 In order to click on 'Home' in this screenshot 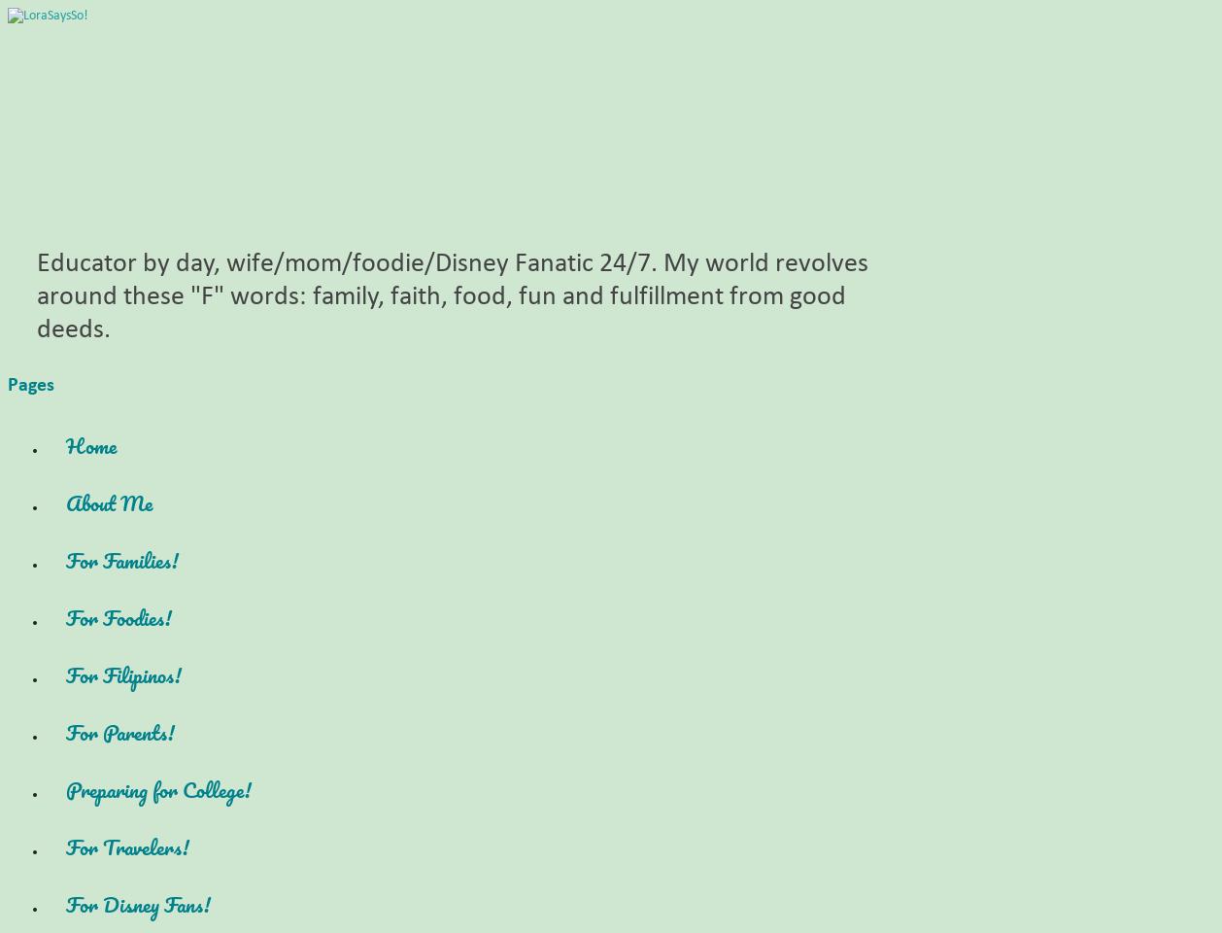, I will do `click(90, 445)`.